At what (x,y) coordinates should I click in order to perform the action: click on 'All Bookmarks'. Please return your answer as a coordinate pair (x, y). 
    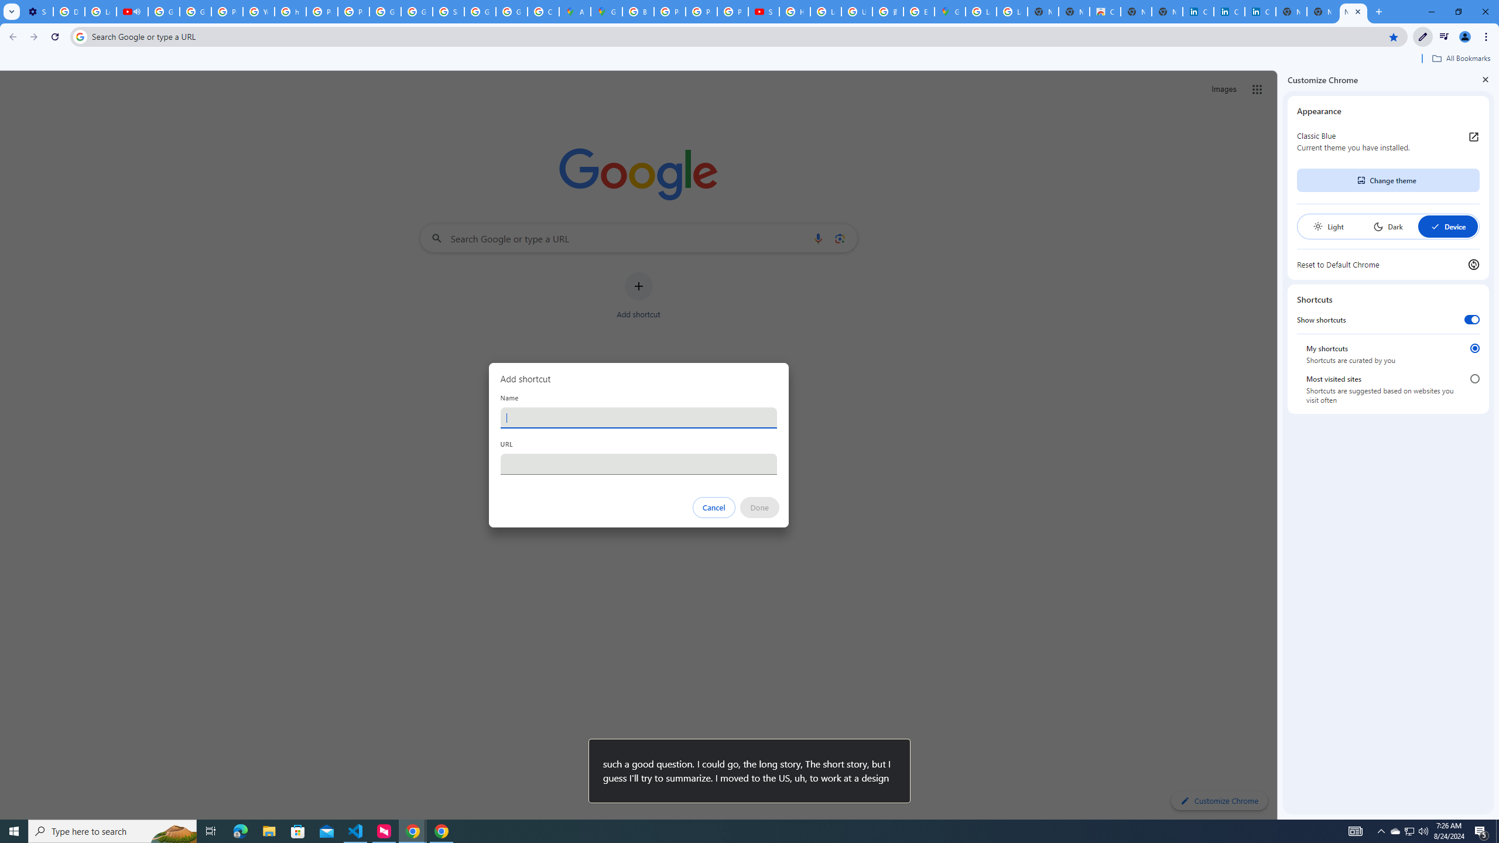
    Looking at the image, I should click on (1460, 58).